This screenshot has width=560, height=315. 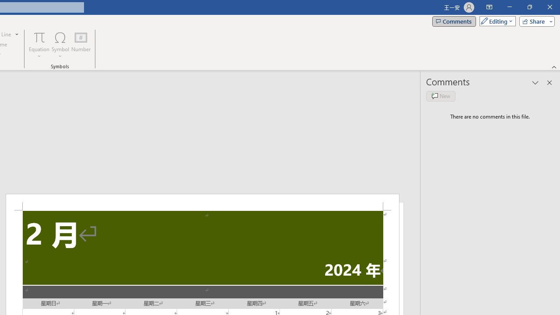 I want to click on 'Restore Down', so click(x=529, y=7).